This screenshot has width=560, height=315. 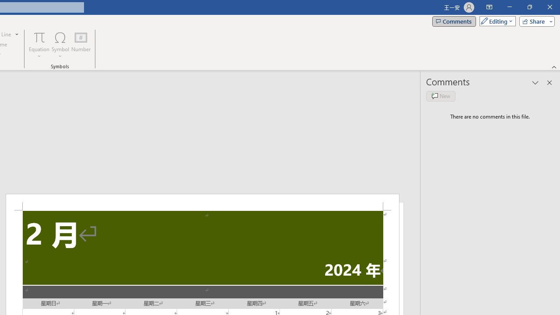 I want to click on 'Restore Down', so click(x=529, y=7).